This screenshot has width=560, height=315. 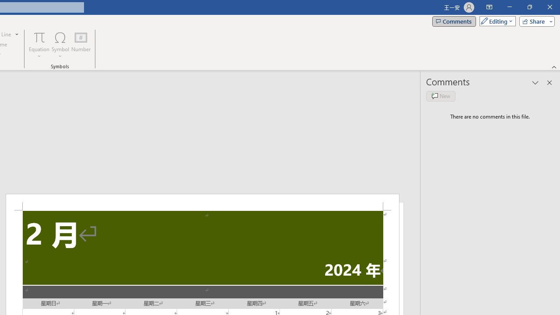 I want to click on 'Restore Down', so click(x=529, y=7).